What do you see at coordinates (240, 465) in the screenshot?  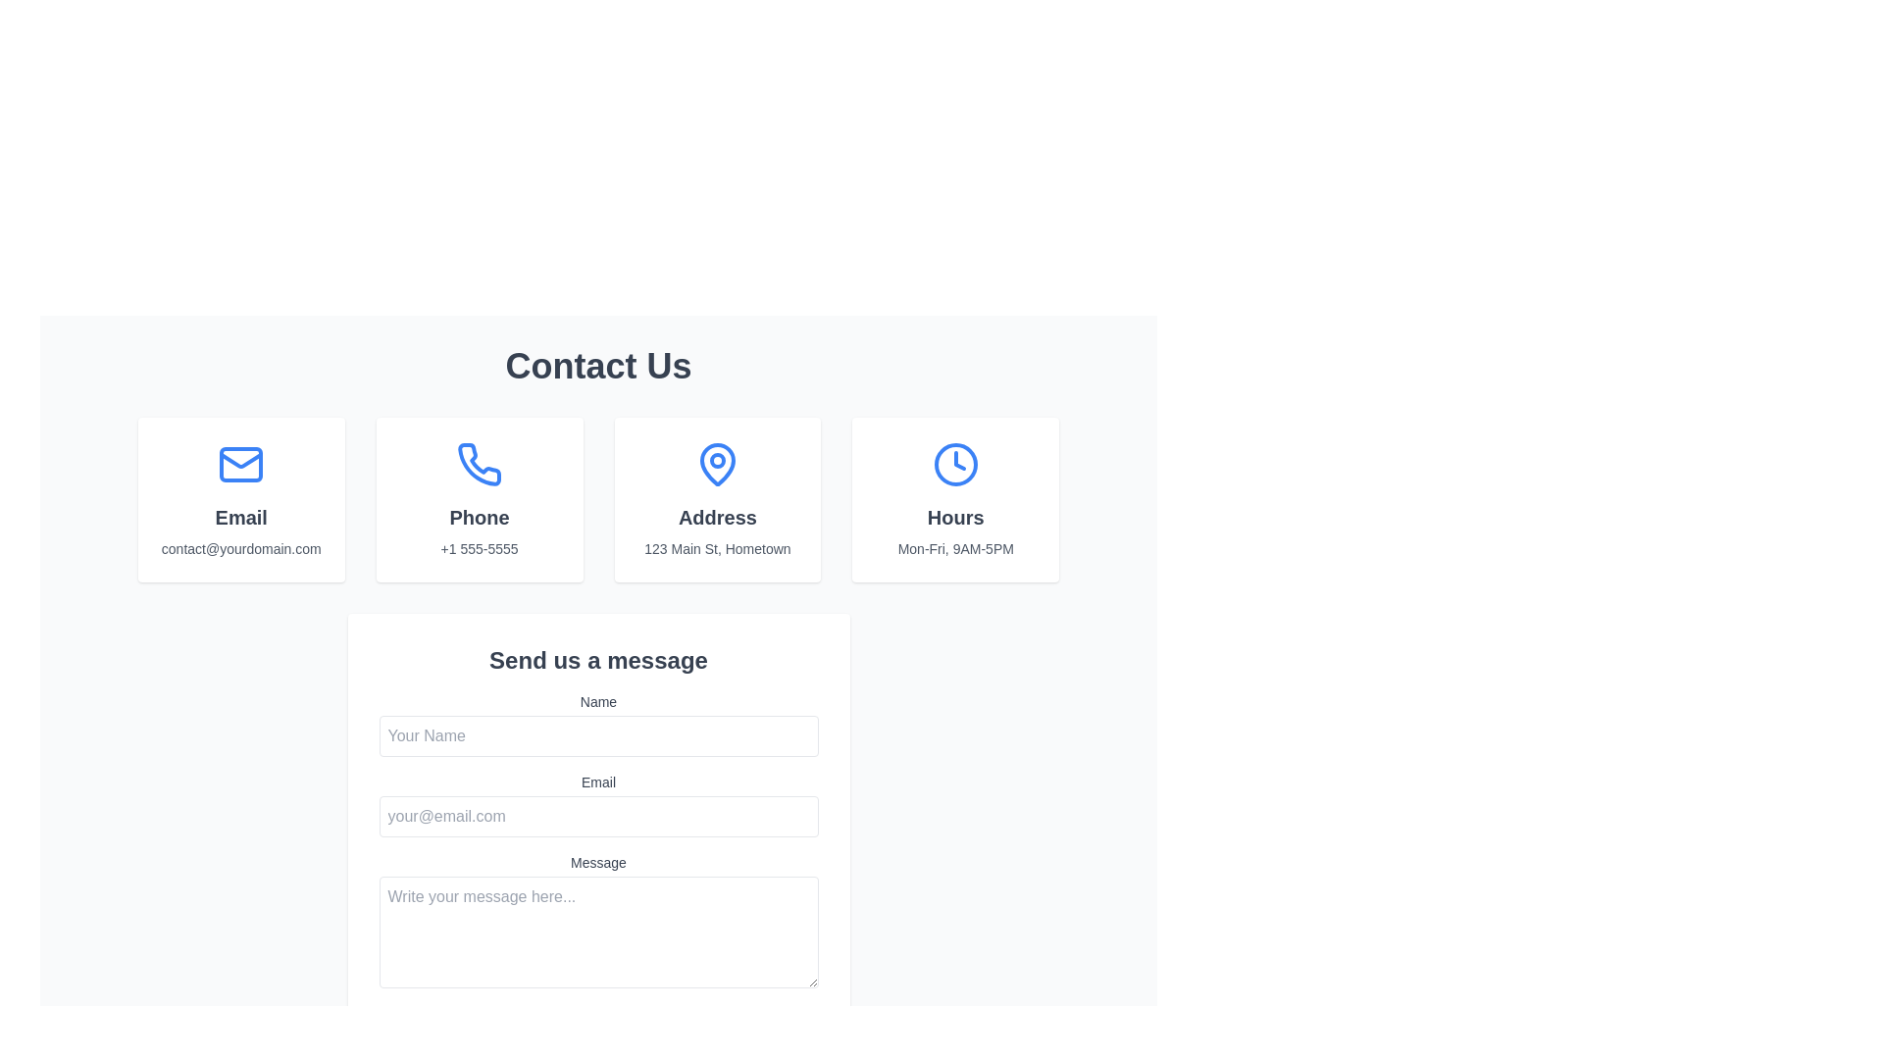 I see `the Email icon which is the first icon in the top row, containing the graphical representation of the contact information` at bounding box center [240, 465].